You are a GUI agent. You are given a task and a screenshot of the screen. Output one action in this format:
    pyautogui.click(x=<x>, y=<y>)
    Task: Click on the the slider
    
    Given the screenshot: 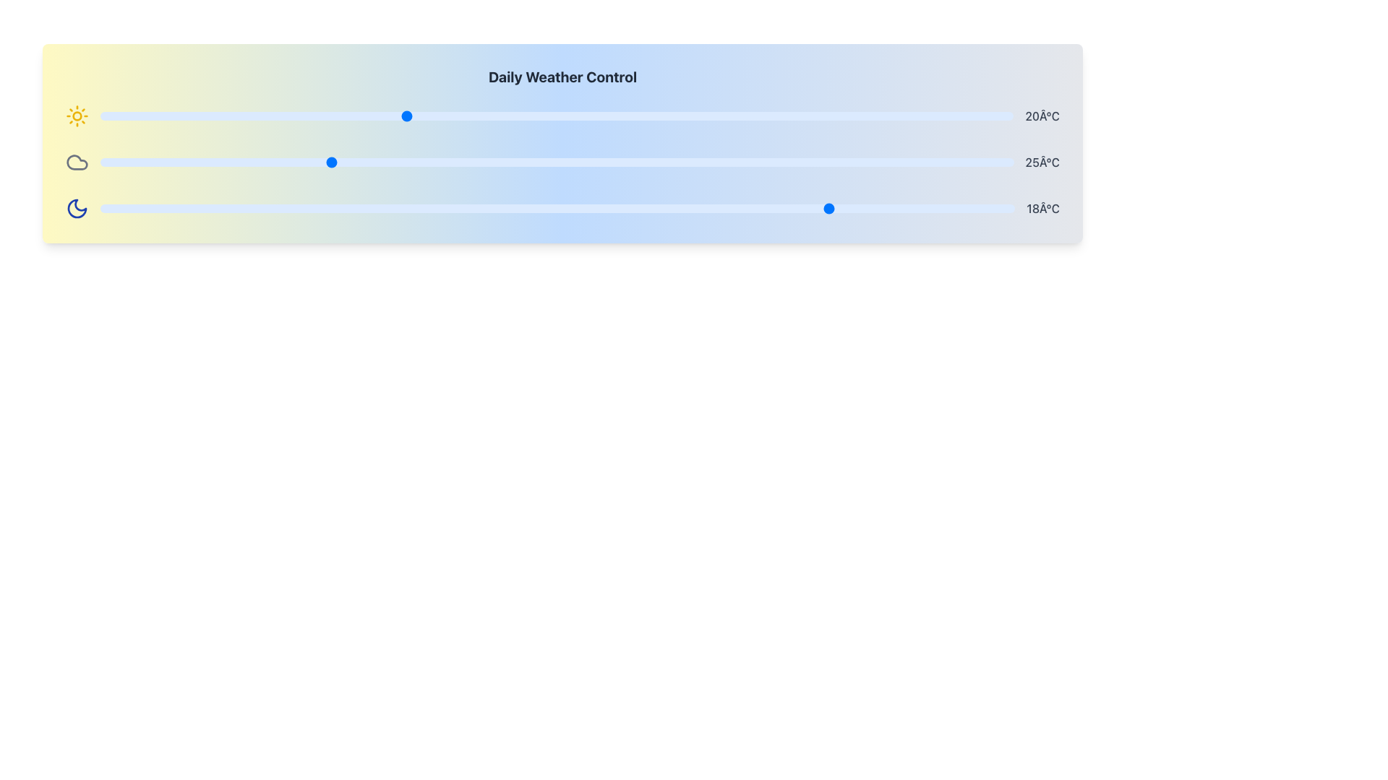 What is the action you would take?
    pyautogui.click(x=526, y=116)
    